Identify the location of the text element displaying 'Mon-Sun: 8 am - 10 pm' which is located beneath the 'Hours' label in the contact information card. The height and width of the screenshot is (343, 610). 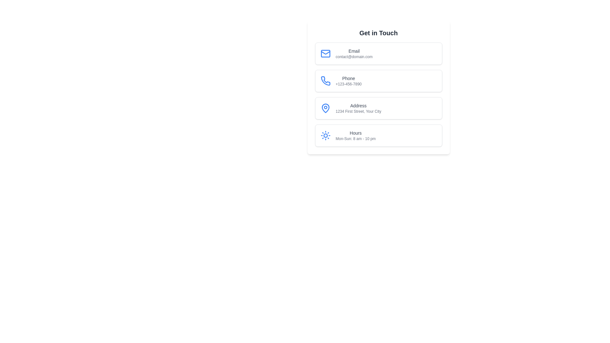
(355, 138).